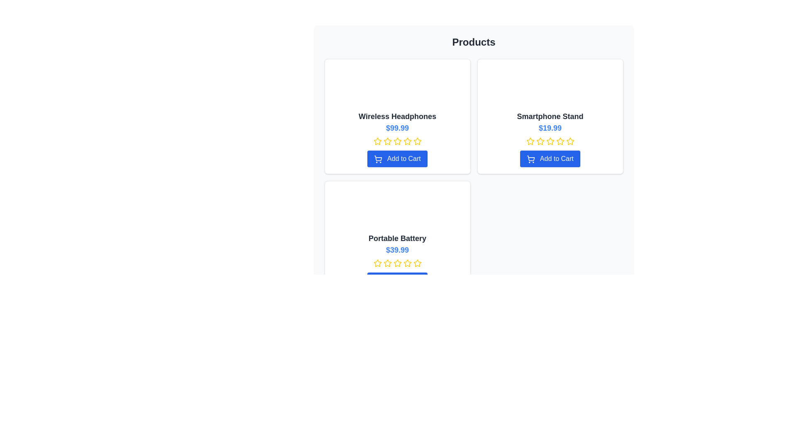 Image resolution: width=797 pixels, height=448 pixels. What do you see at coordinates (550, 141) in the screenshot?
I see `the fourth star icon in the rating system beneath the 'Smartphone Stand' product to rate it` at bounding box center [550, 141].